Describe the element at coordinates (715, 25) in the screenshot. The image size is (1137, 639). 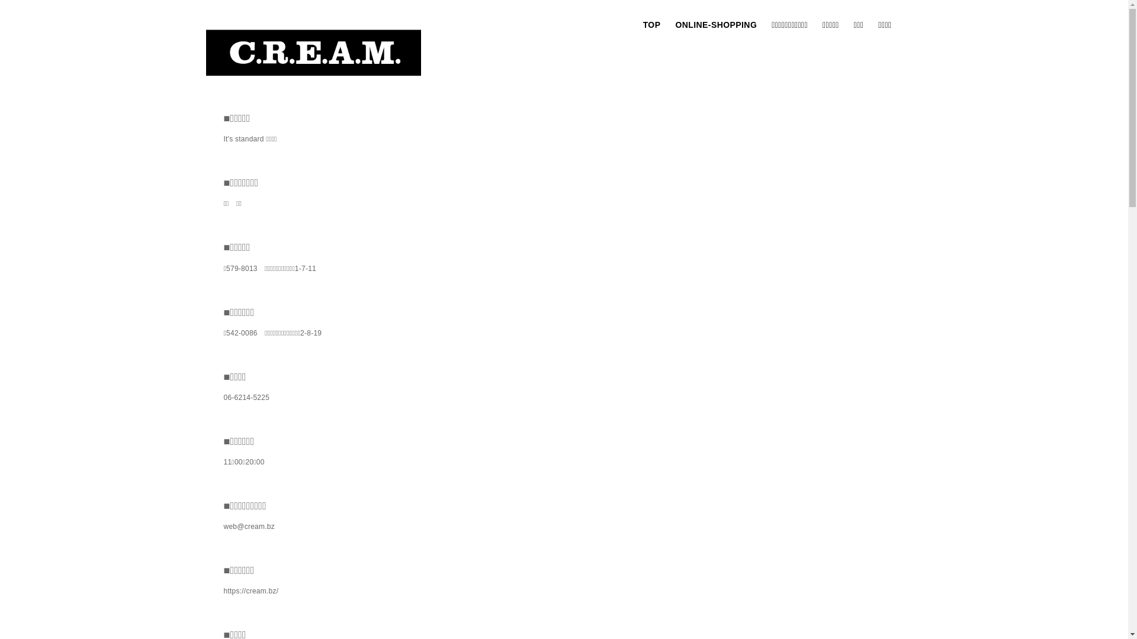
I see `'ONLINE-SHOPPING'` at that location.